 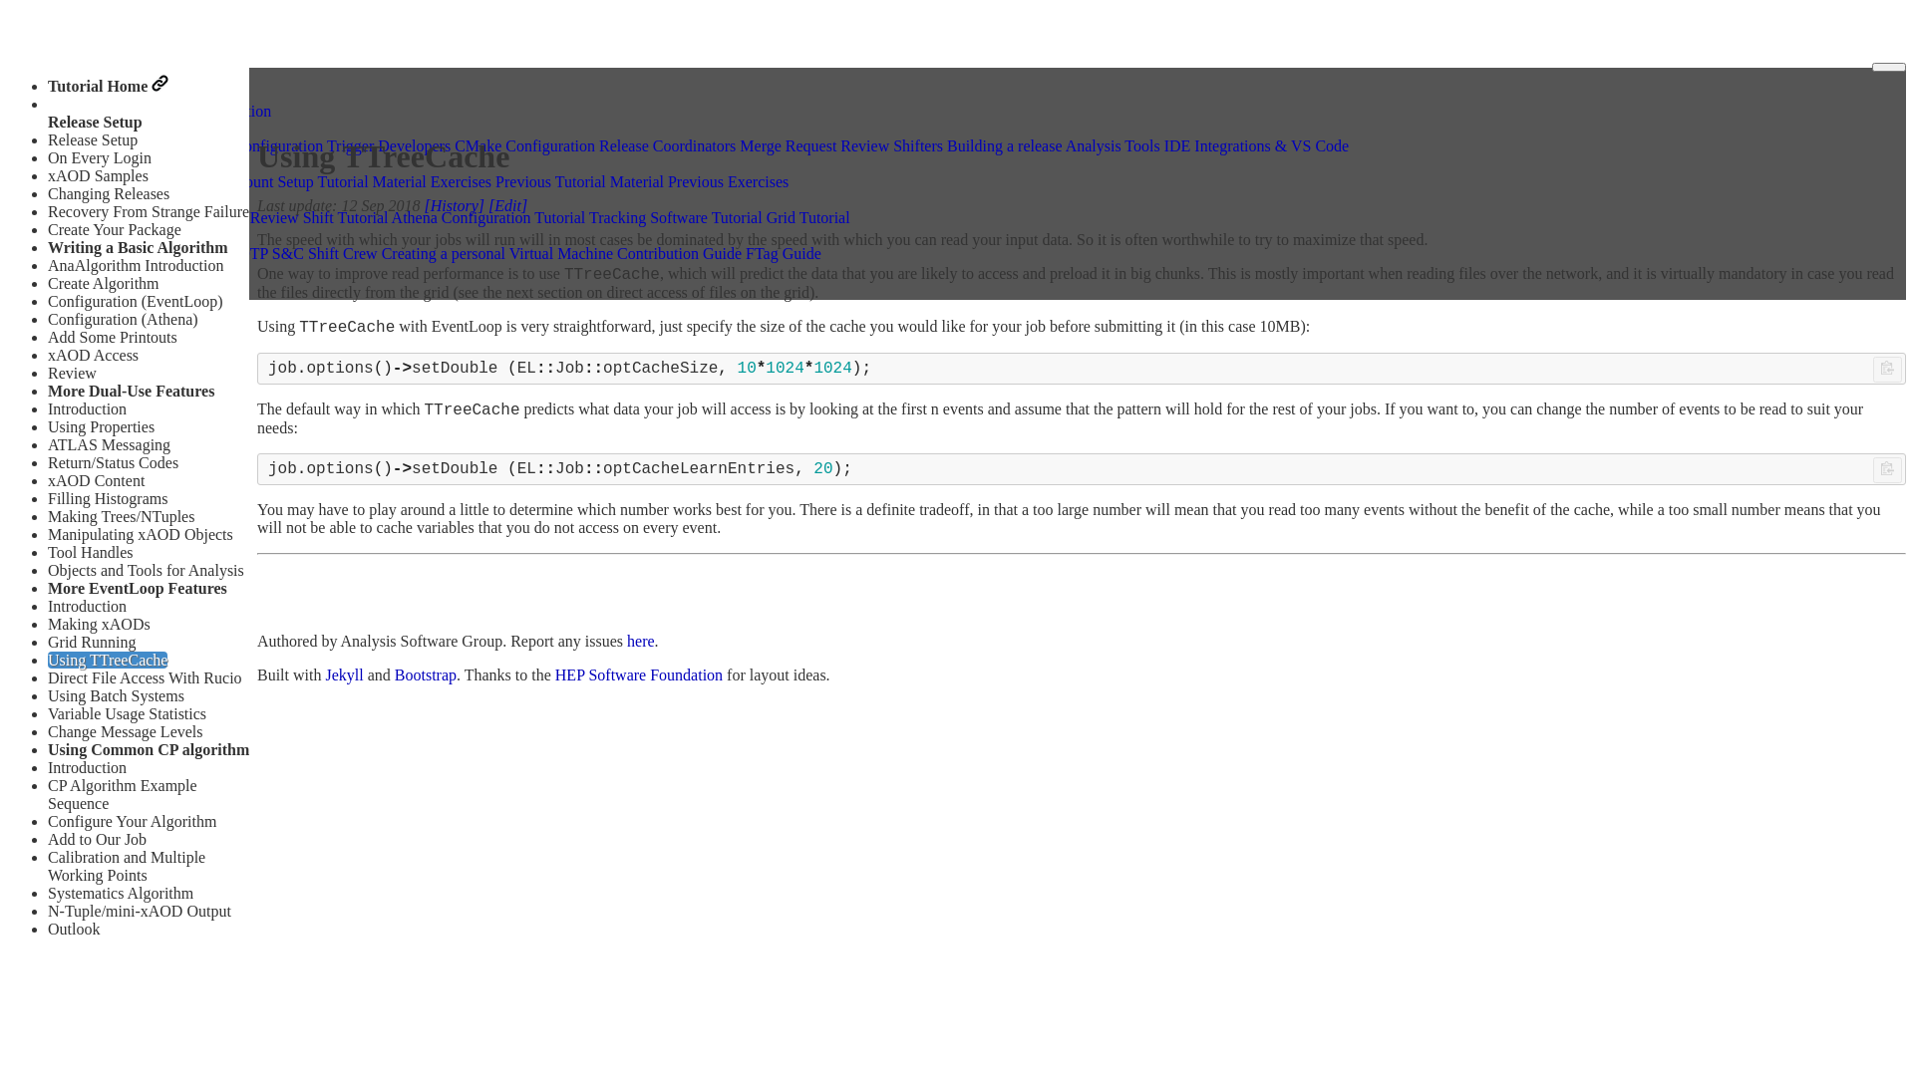 I want to click on 'xAOD Content', so click(x=95, y=480).